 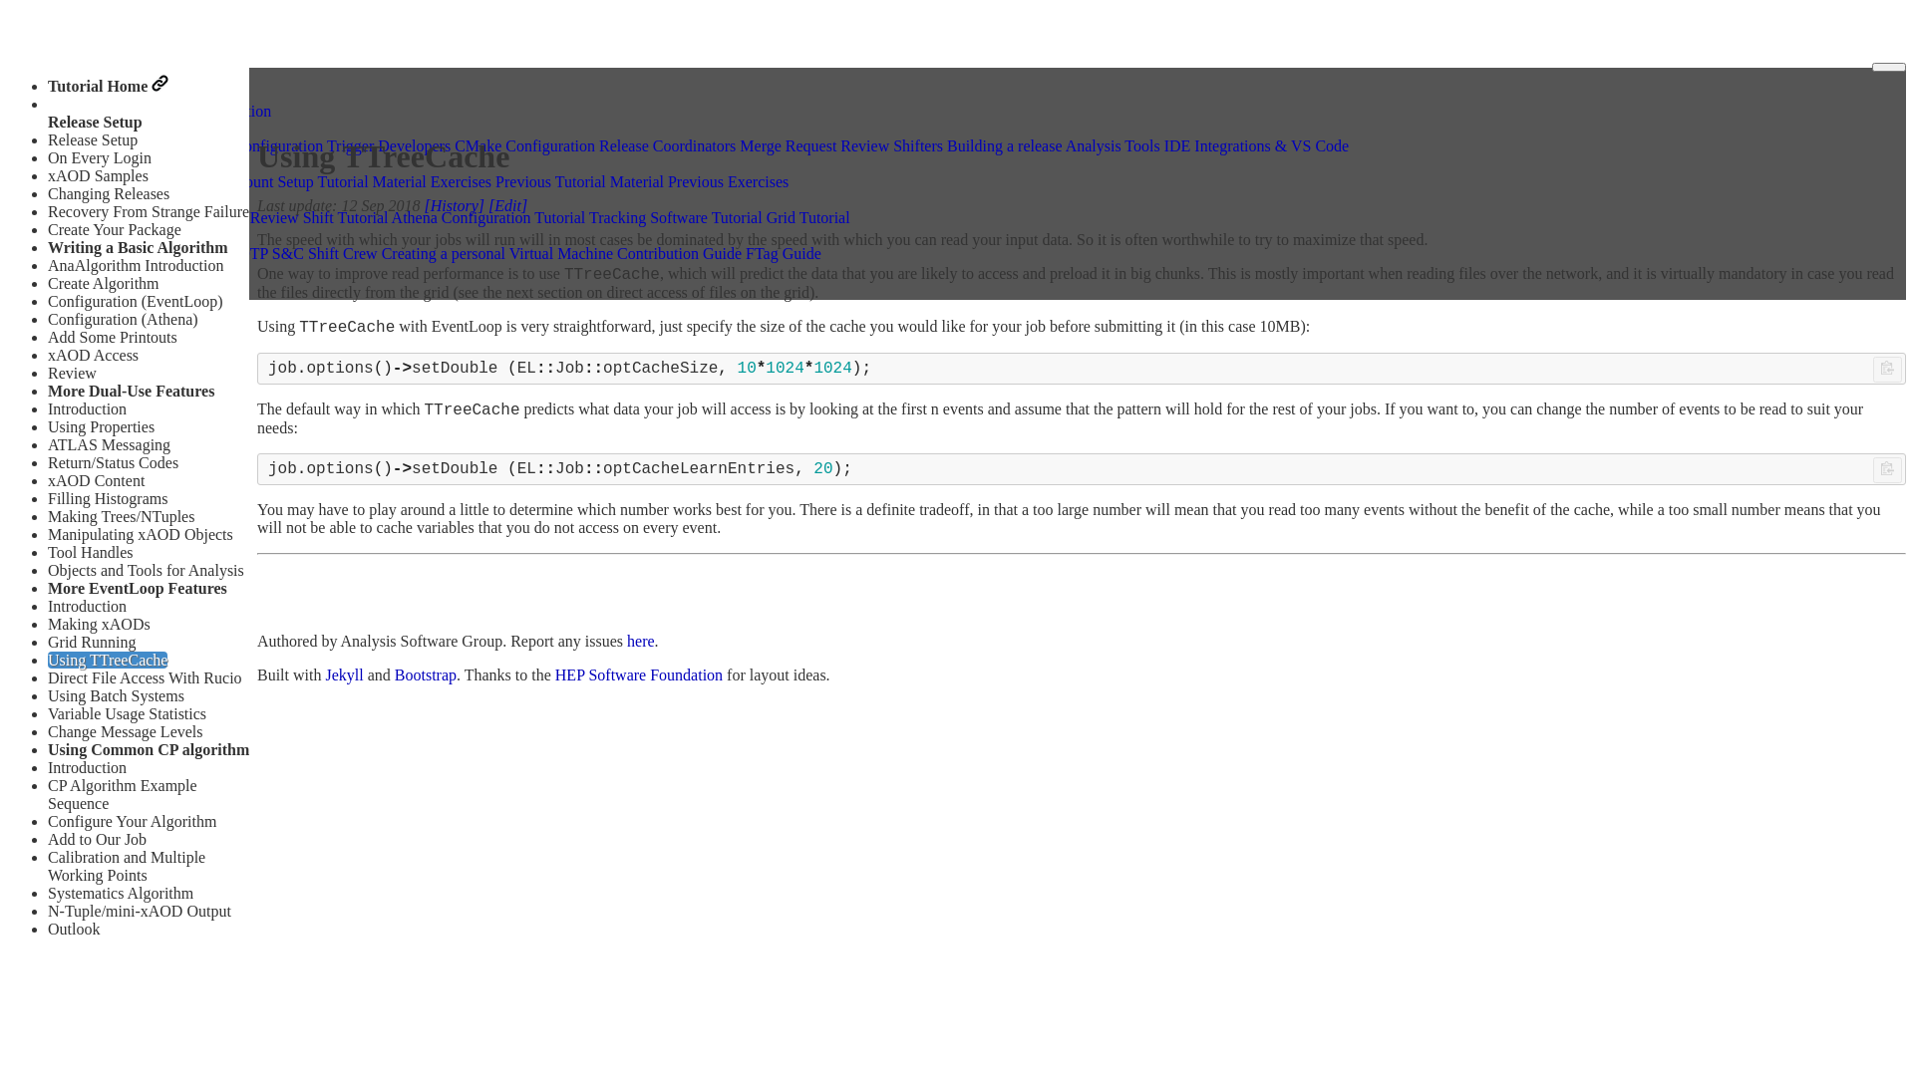 I want to click on 'xAOD Content', so click(x=95, y=480).